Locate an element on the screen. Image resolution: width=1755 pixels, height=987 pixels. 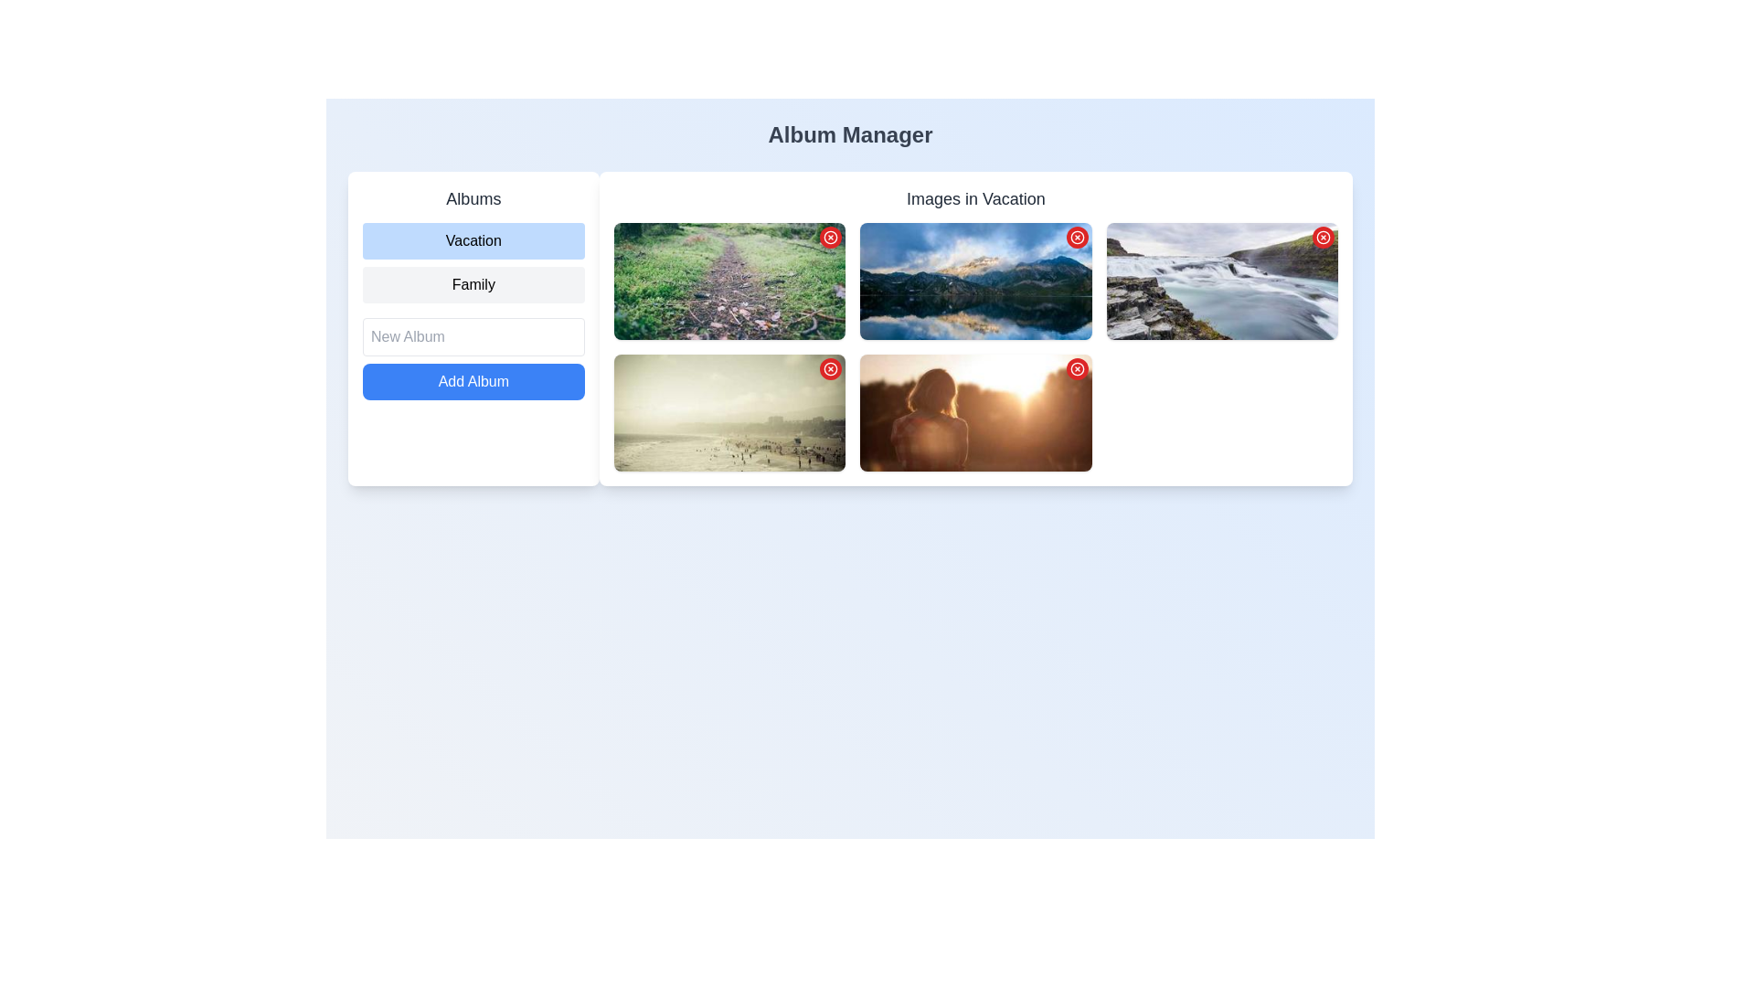
the 'Add Album' button, which has a blue background and white text is located at coordinates (473, 380).